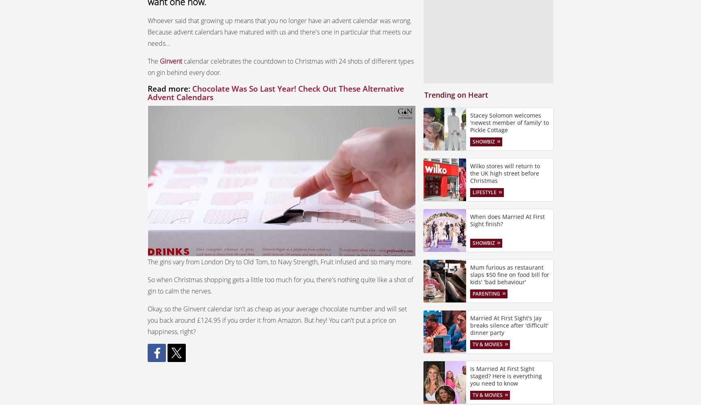 Image resolution: width=701 pixels, height=405 pixels. What do you see at coordinates (147, 88) in the screenshot?
I see `'Read more:'` at bounding box center [147, 88].